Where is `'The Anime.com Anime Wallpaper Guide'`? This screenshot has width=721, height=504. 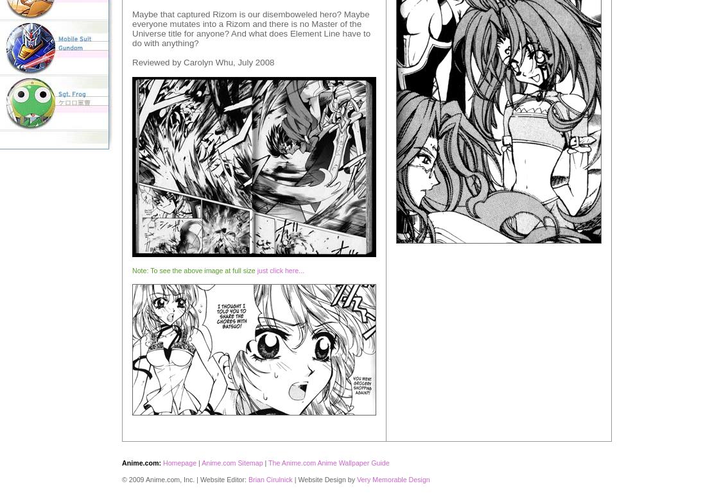
'The Anime.com Anime Wallpaper Guide' is located at coordinates (327, 462).